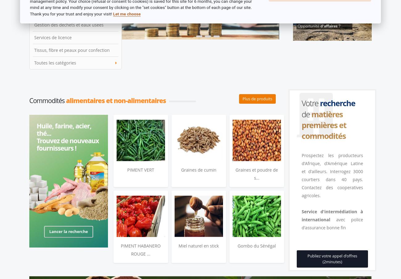  I want to click on 'Tissus, fibre et peaux pour confection', so click(34, 50).